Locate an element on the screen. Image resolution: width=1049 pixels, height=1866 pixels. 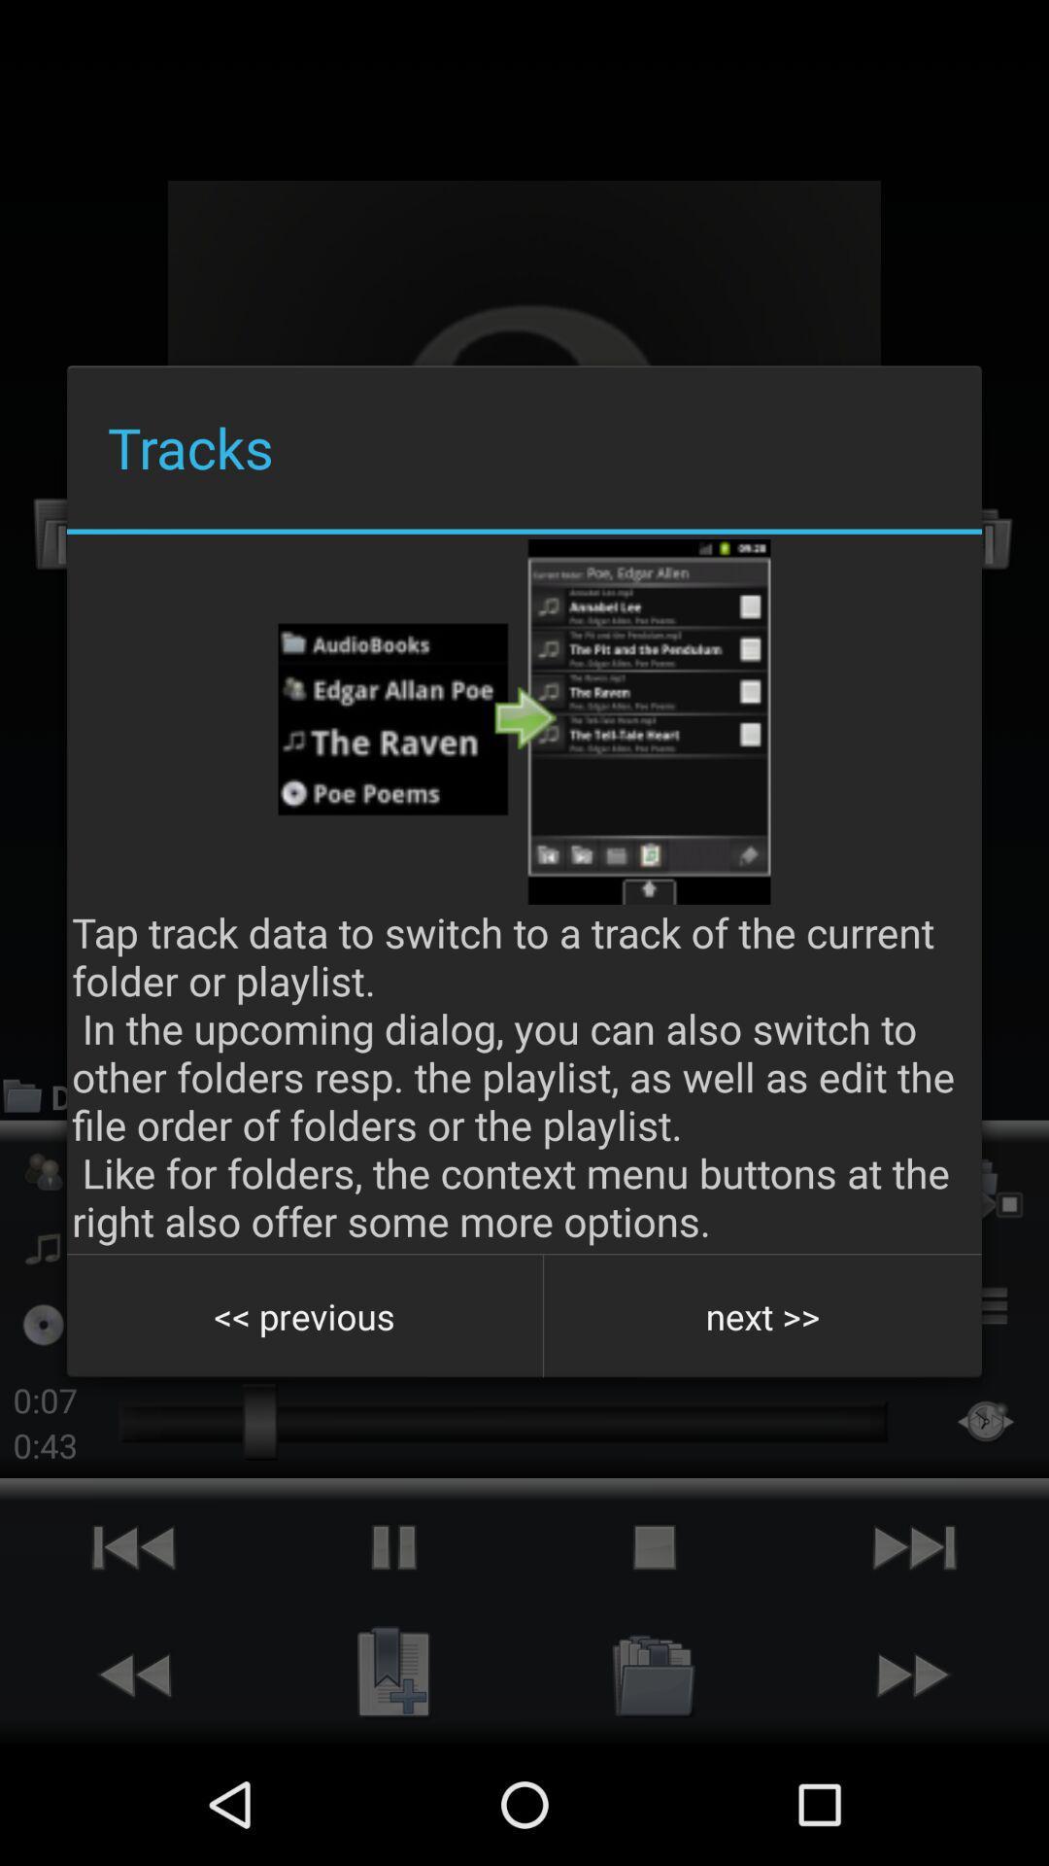
the icon next to the << previous icon is located at coordinates (761, 1316).